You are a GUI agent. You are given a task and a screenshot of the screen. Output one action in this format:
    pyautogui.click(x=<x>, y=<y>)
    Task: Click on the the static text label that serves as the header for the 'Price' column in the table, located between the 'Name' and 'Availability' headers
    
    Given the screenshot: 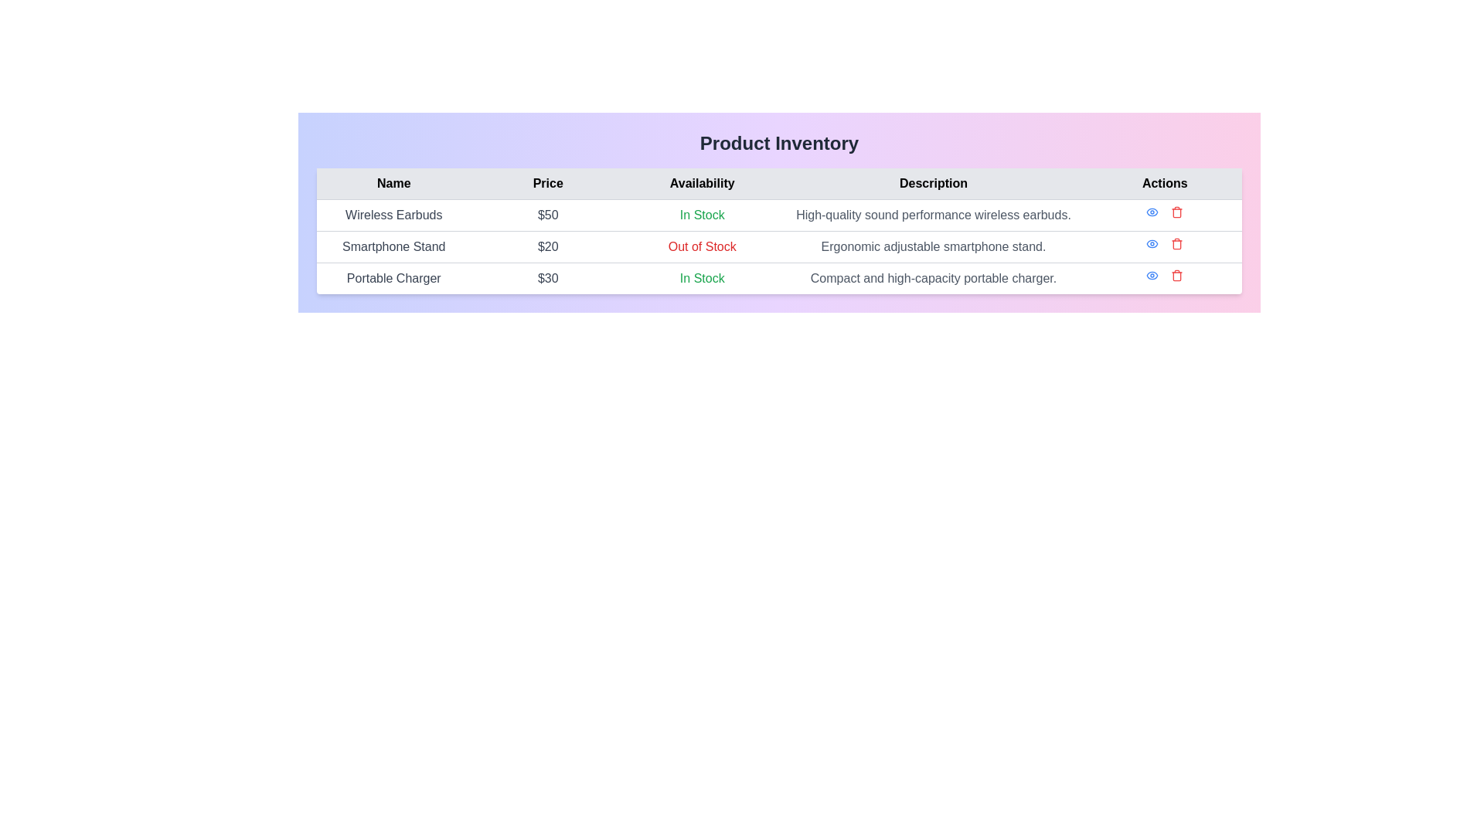 What is the action you would take?
    pyautogui.click(x=548, y=183)
    